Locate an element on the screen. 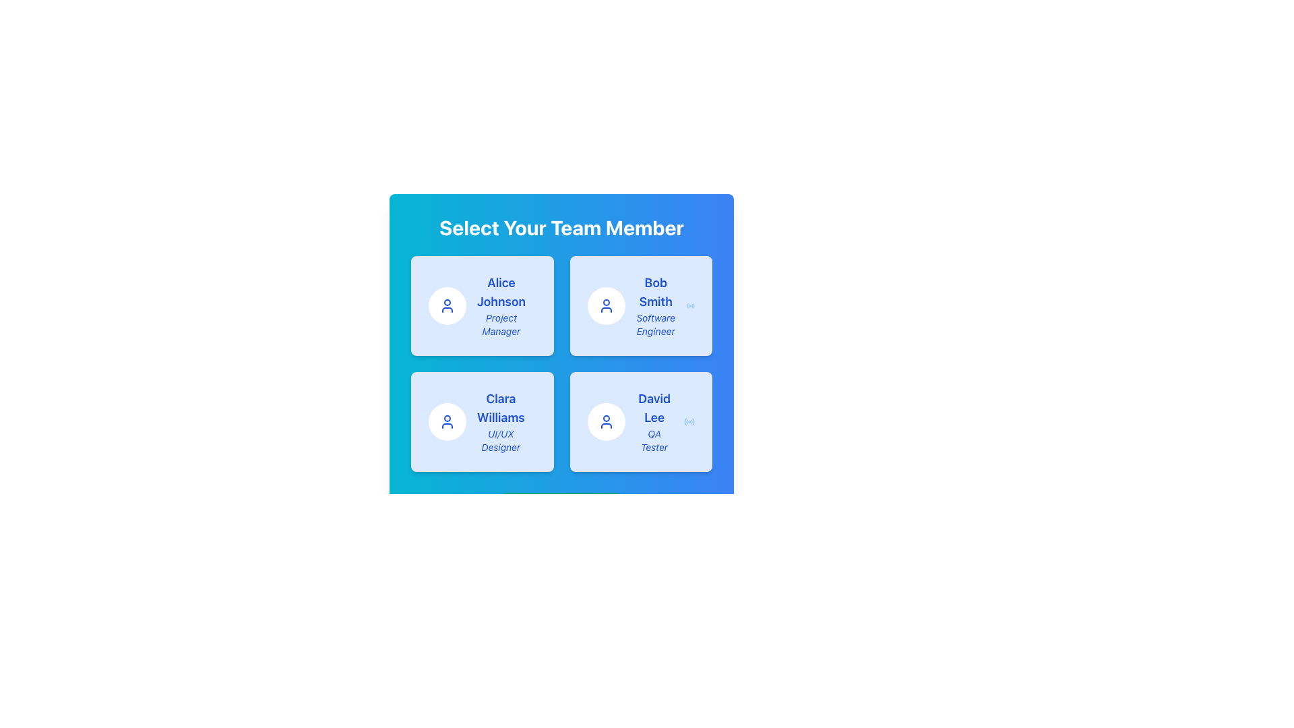  the Text Label displaying 'Alice Johnson' and 'Project Manager' located in the first row and first column of the grid under 'Select Your Team Member.' is located at coordinates (501, 306).